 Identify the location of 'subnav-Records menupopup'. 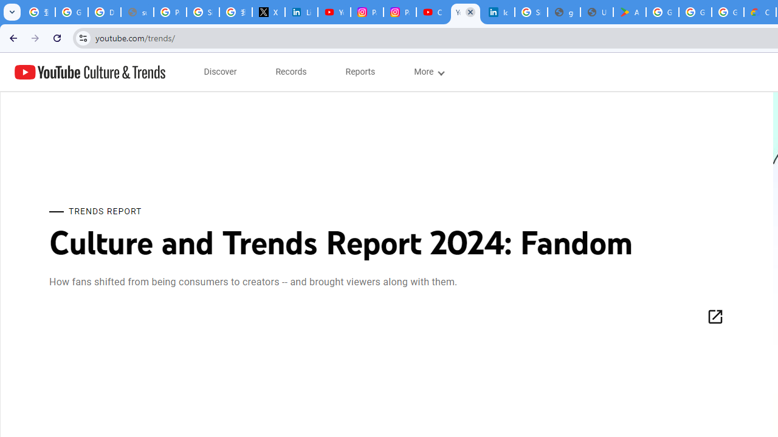
(291, 72).